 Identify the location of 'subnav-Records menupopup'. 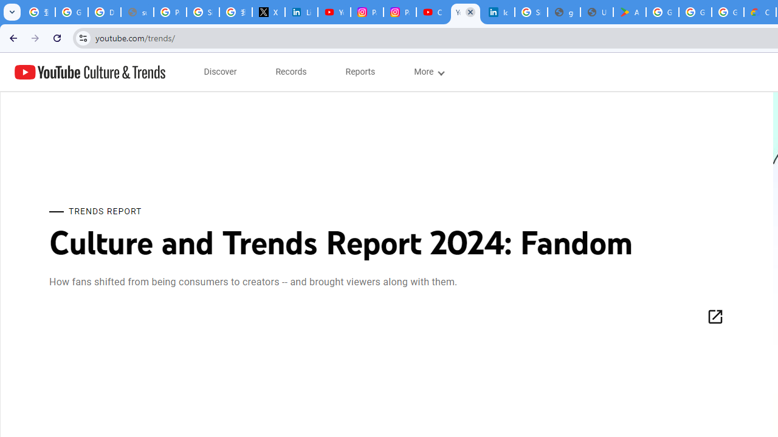
(291, 72).